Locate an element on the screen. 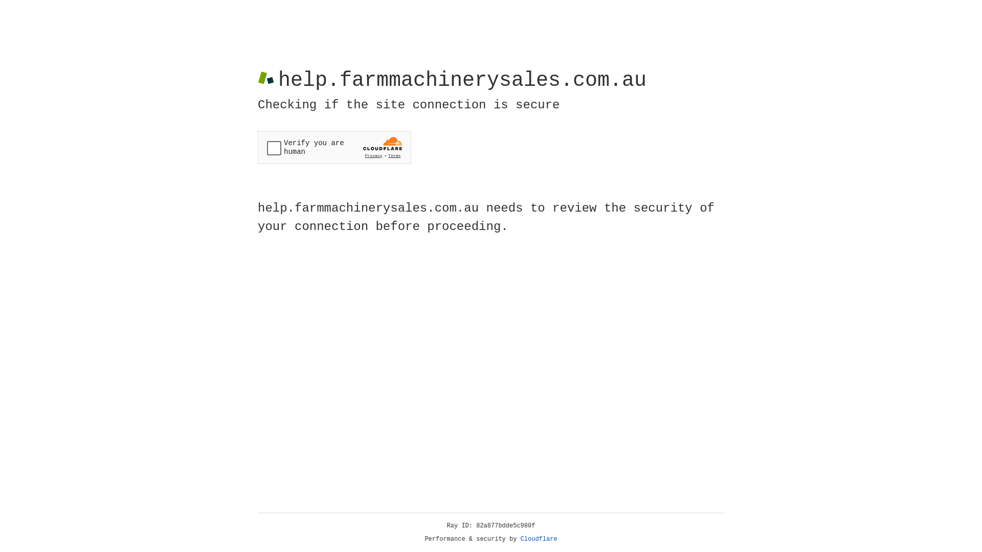 The width and height of the screenshot is (982, 552). 'Cloudflare' is located at coordinates (539, 539).